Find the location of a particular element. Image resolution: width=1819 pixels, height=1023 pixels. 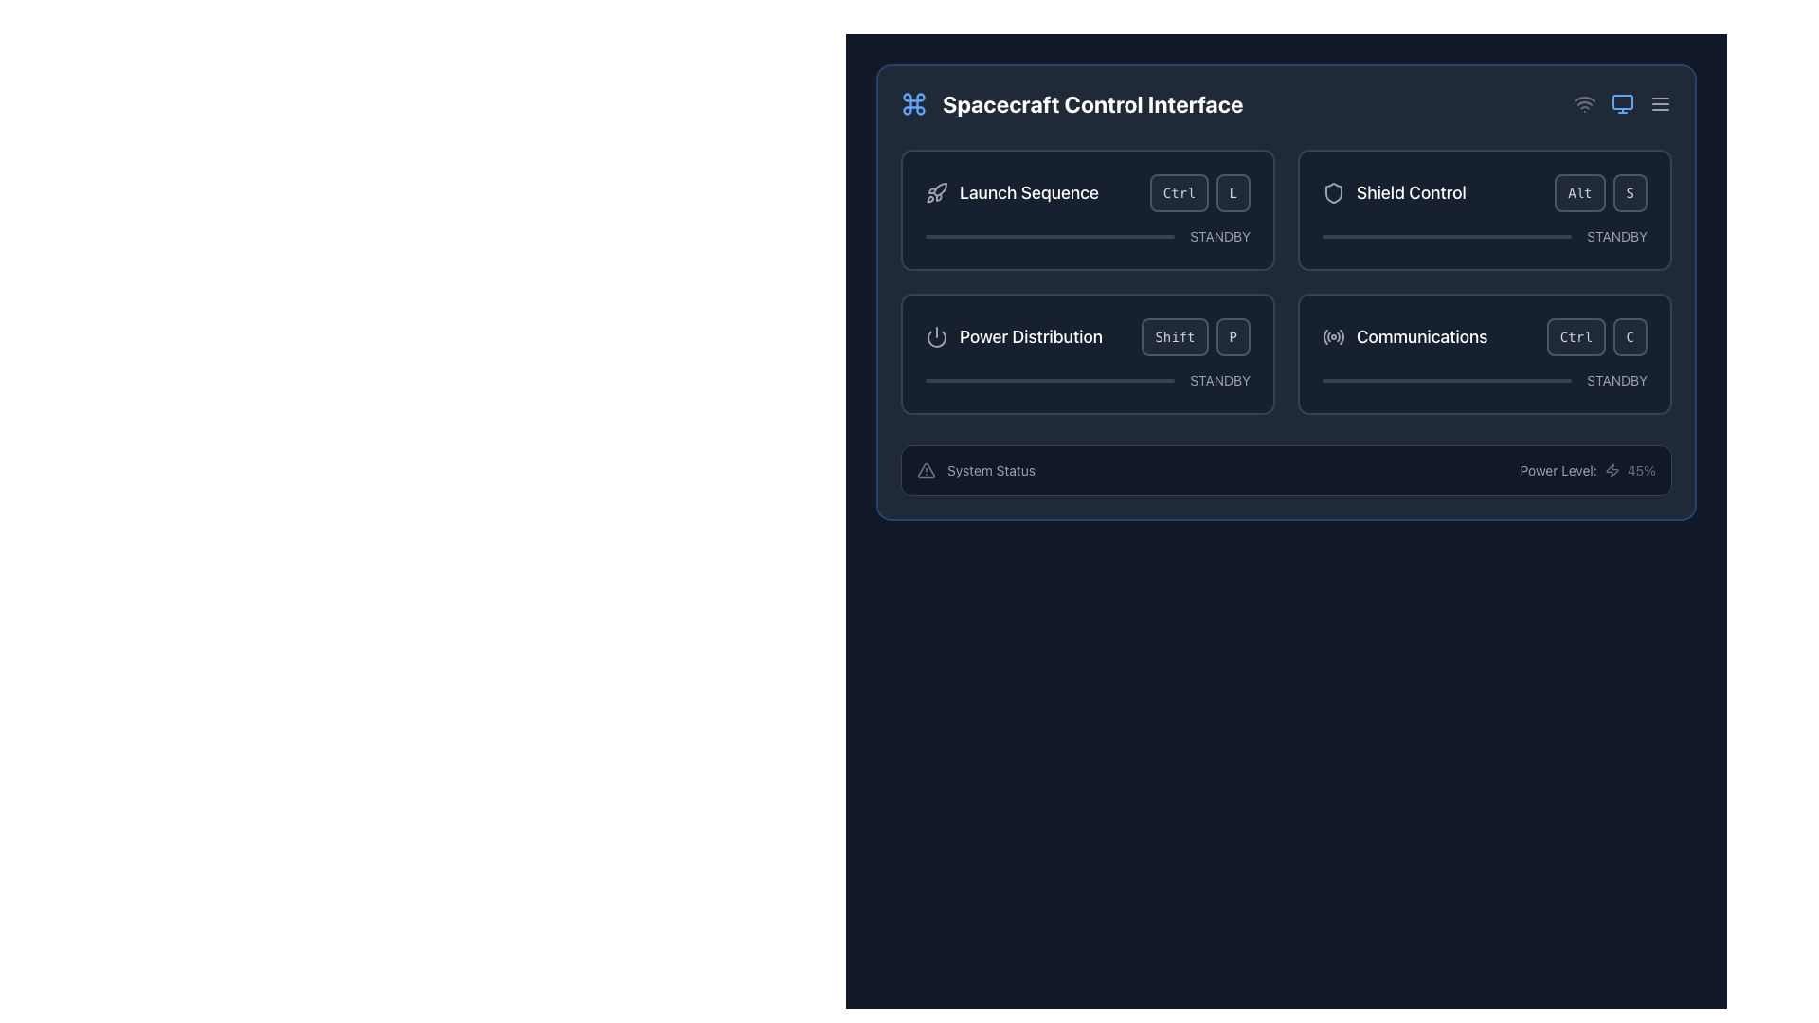

the 'Launch Sequence' button which contains a small, sleek metallic rocket-like icon positioned in the upper left corner is located at coordinates (940, 189).